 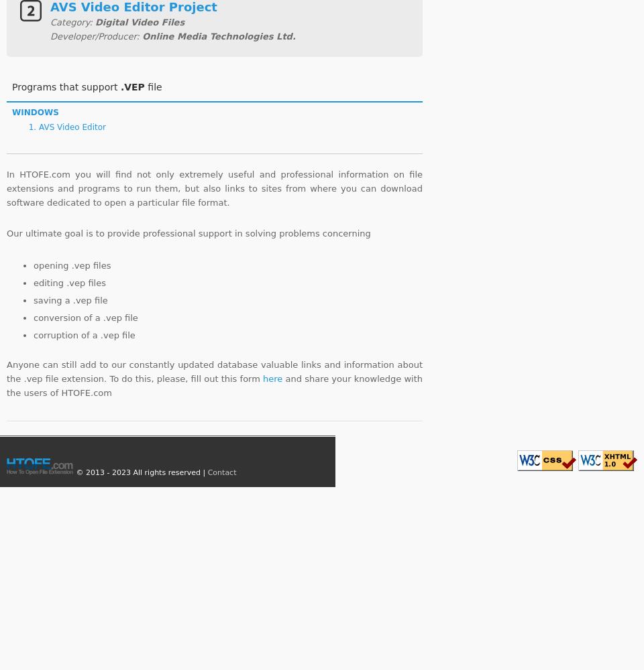 I want to click on 'and share your knowledge with the users of  HTOFE.com', so click(x=214, y=385).